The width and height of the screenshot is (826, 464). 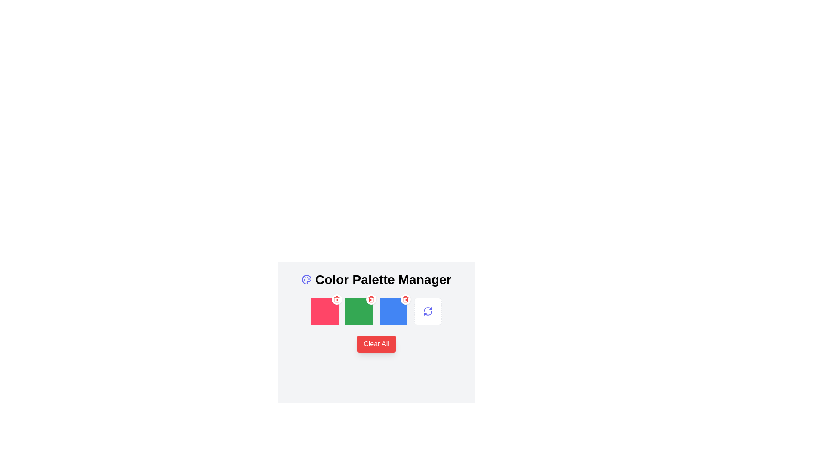 I want to click on the small red trashcan icon within the white circular button located in the top-right corner of the blue square component, so click(x=405, y=299).